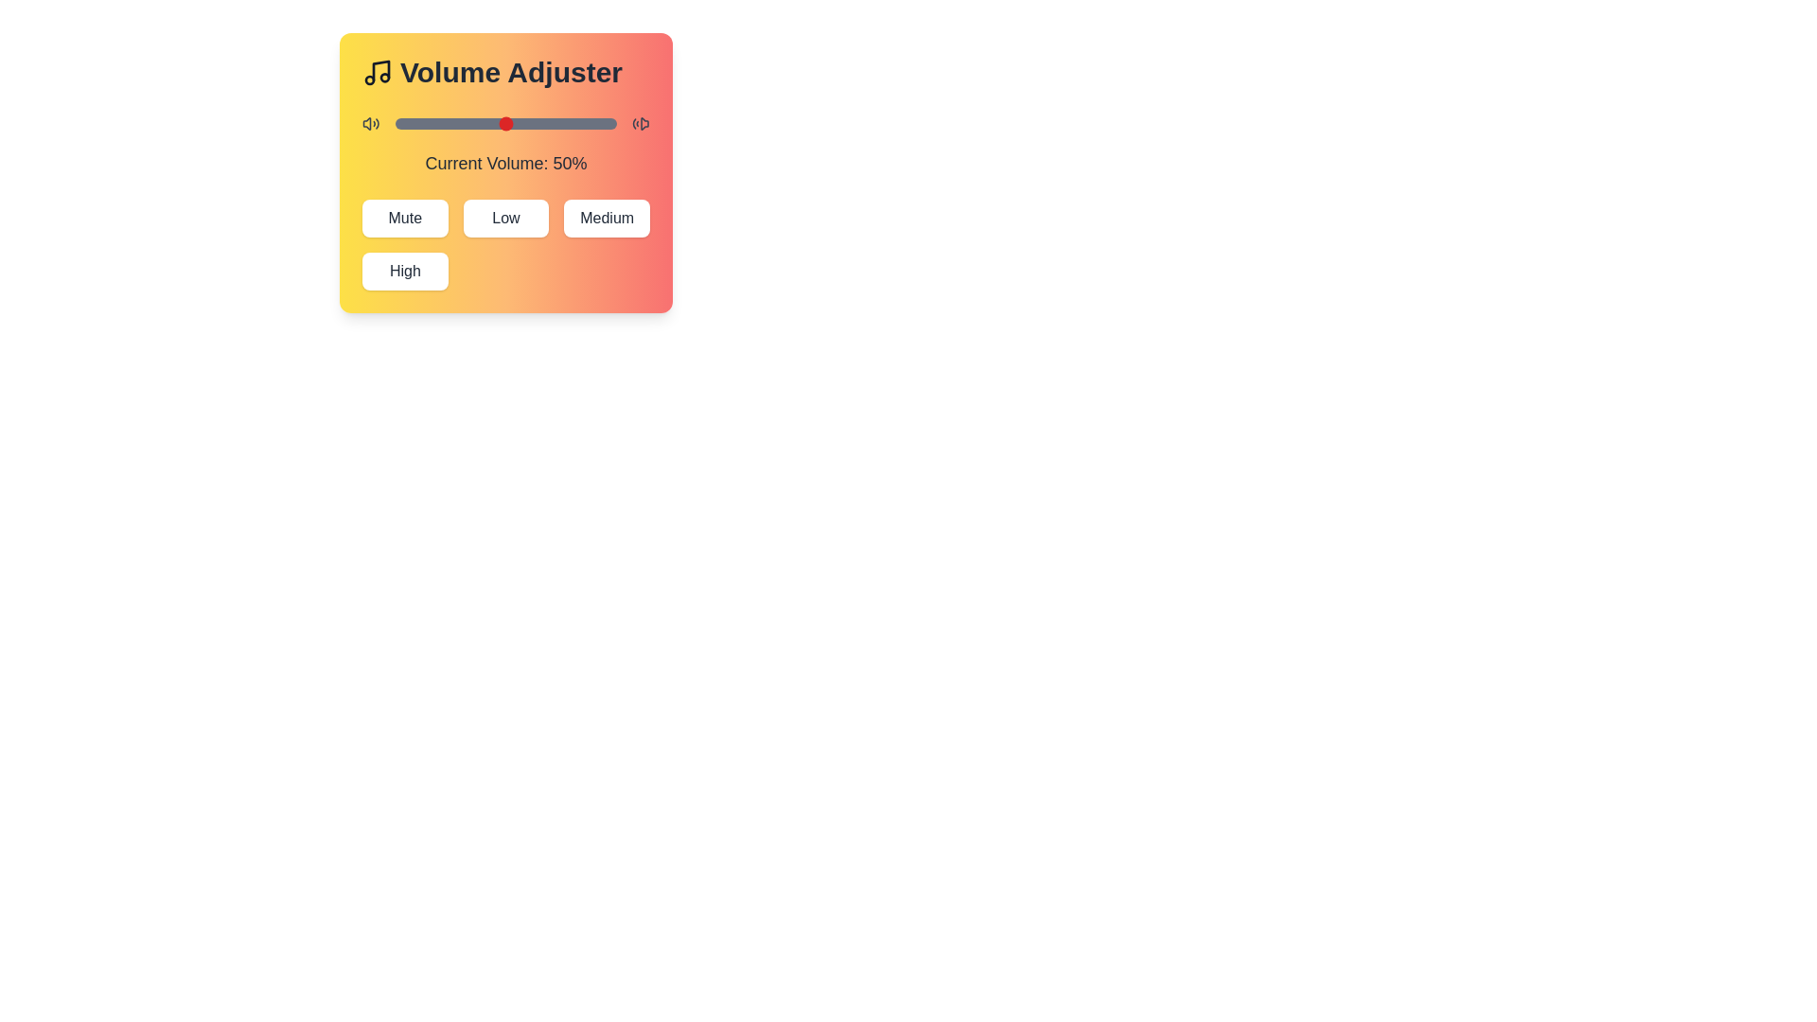 Image resolution: width=1817 pixels, height=1022 pixels. Describe the element at coordinates (371, 124) in the screenshot. I see `the decorative icon volume_symbol_left` at that location.